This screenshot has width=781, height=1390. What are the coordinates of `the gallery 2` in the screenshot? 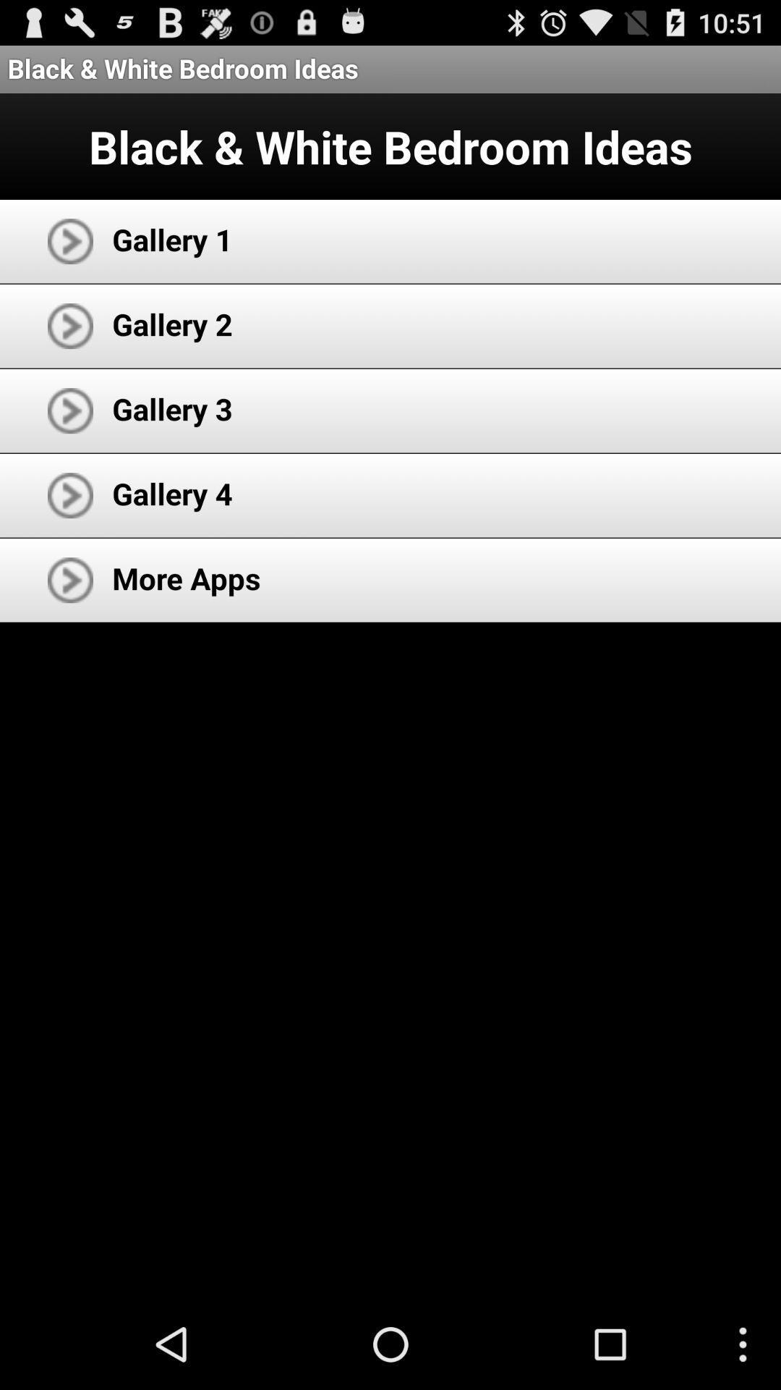 It's located at (171, 323).